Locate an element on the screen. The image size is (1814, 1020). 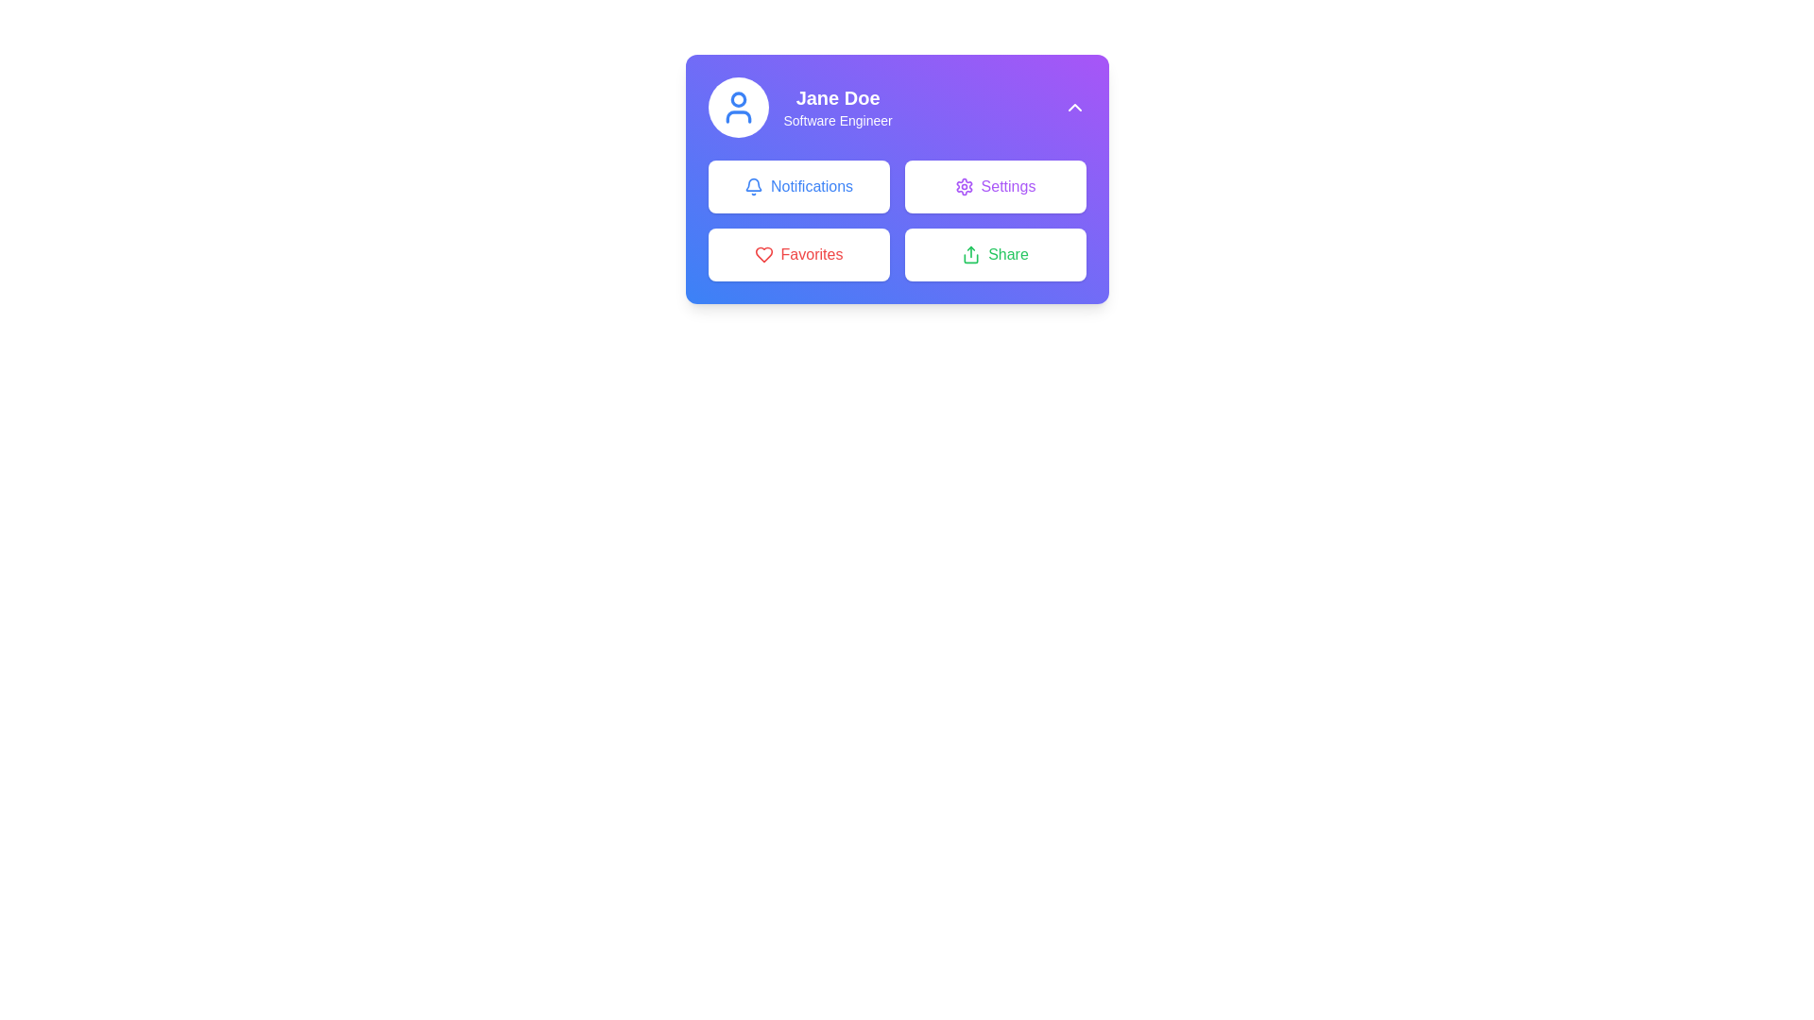
the 'Favorites' button, which is visually emphasized by the decorative icon located to the left of the label text is located at coordinates (763, 255).